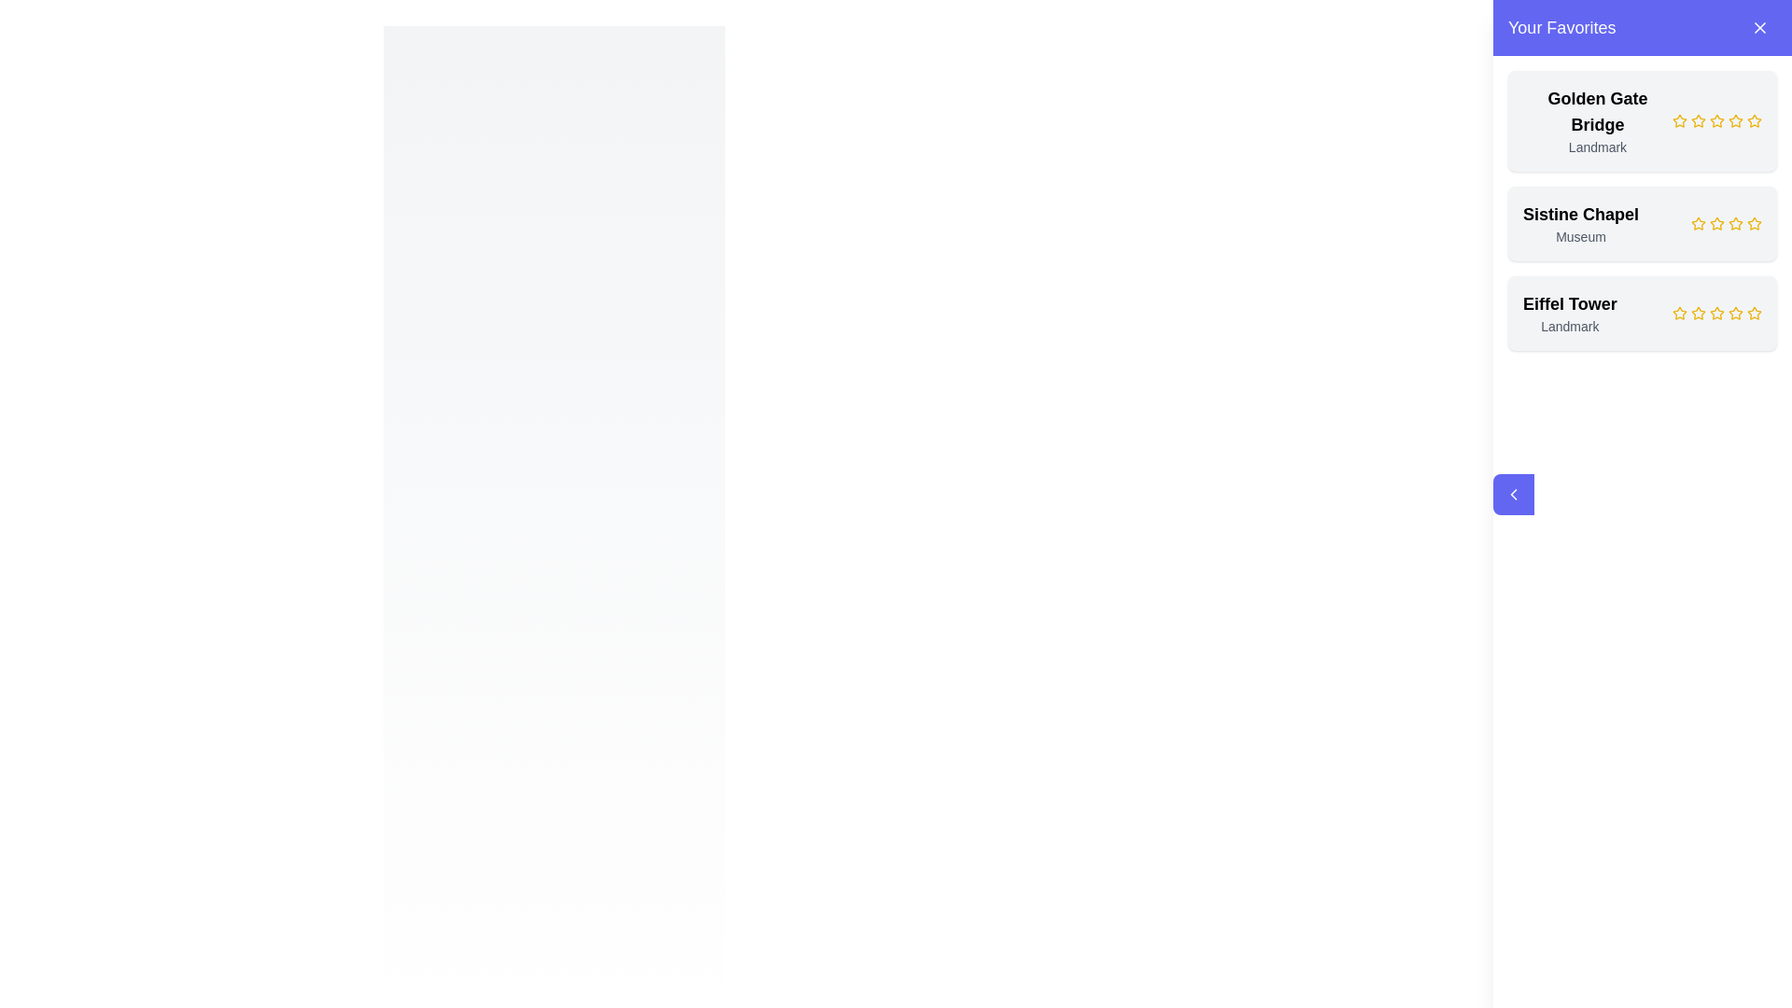 The height and width of the screenshot is (1008, 1792). Describe the element at coordinates (1716, 121) in the screenshot. I see `the fourth star icon in the rating system of the 'Golden Gate Bridge' section in 'Your Favorites'` at that location.